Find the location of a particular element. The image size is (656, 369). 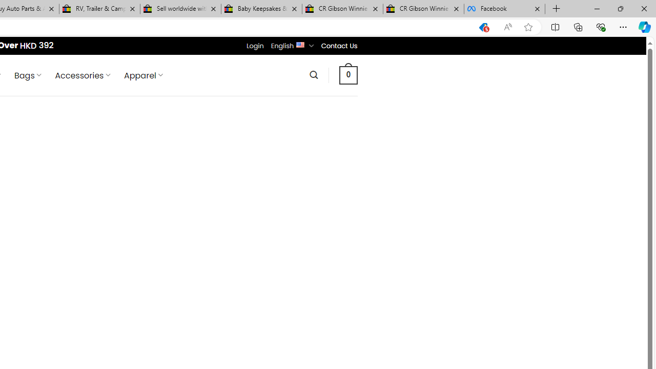

'This site has coupons! Shopping in Microsoft Edge, 5' is located at coordinates (483, 27).